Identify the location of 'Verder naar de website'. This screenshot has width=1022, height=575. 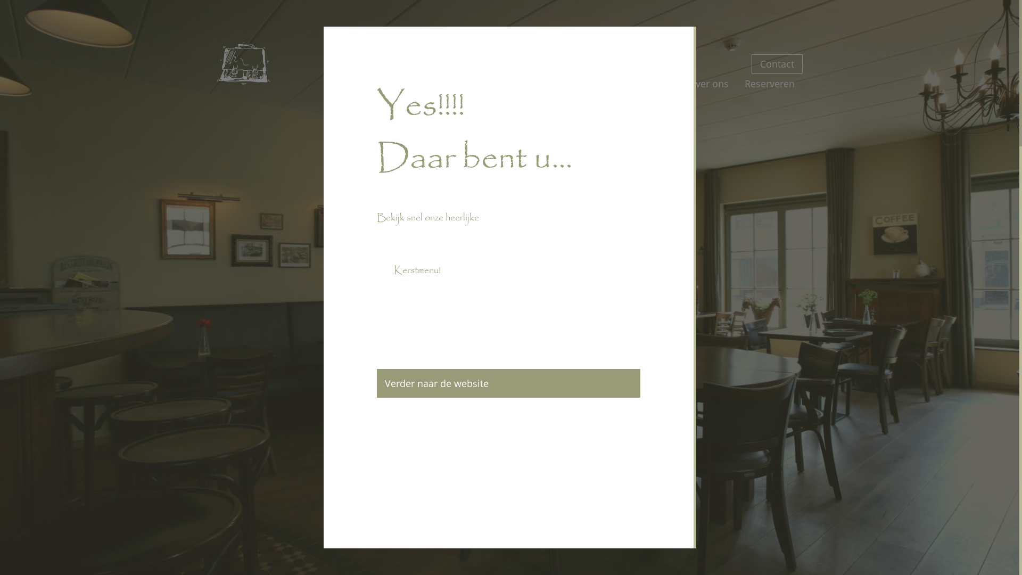
(508, 383).